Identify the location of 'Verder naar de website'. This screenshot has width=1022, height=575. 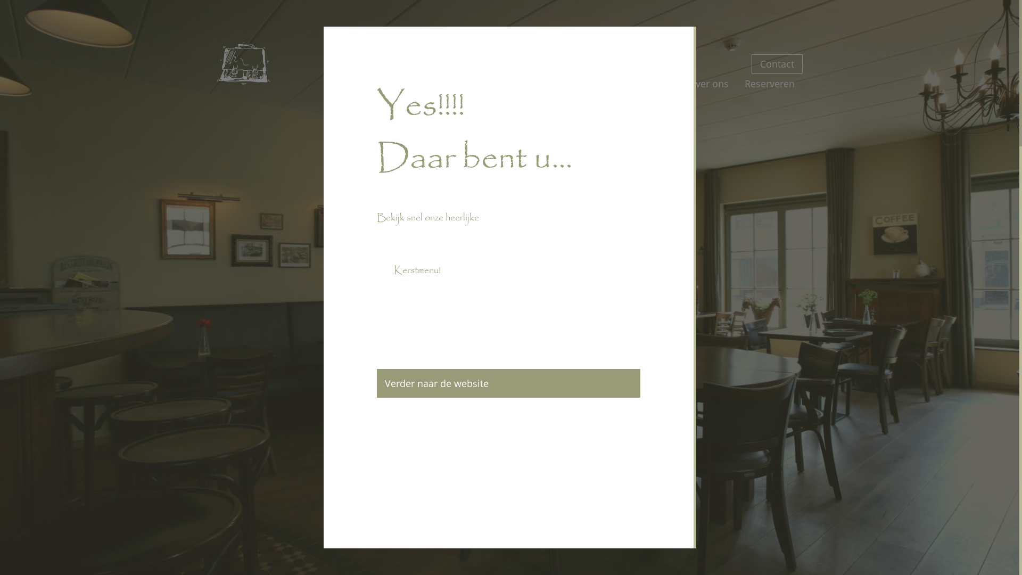
(508, 383).